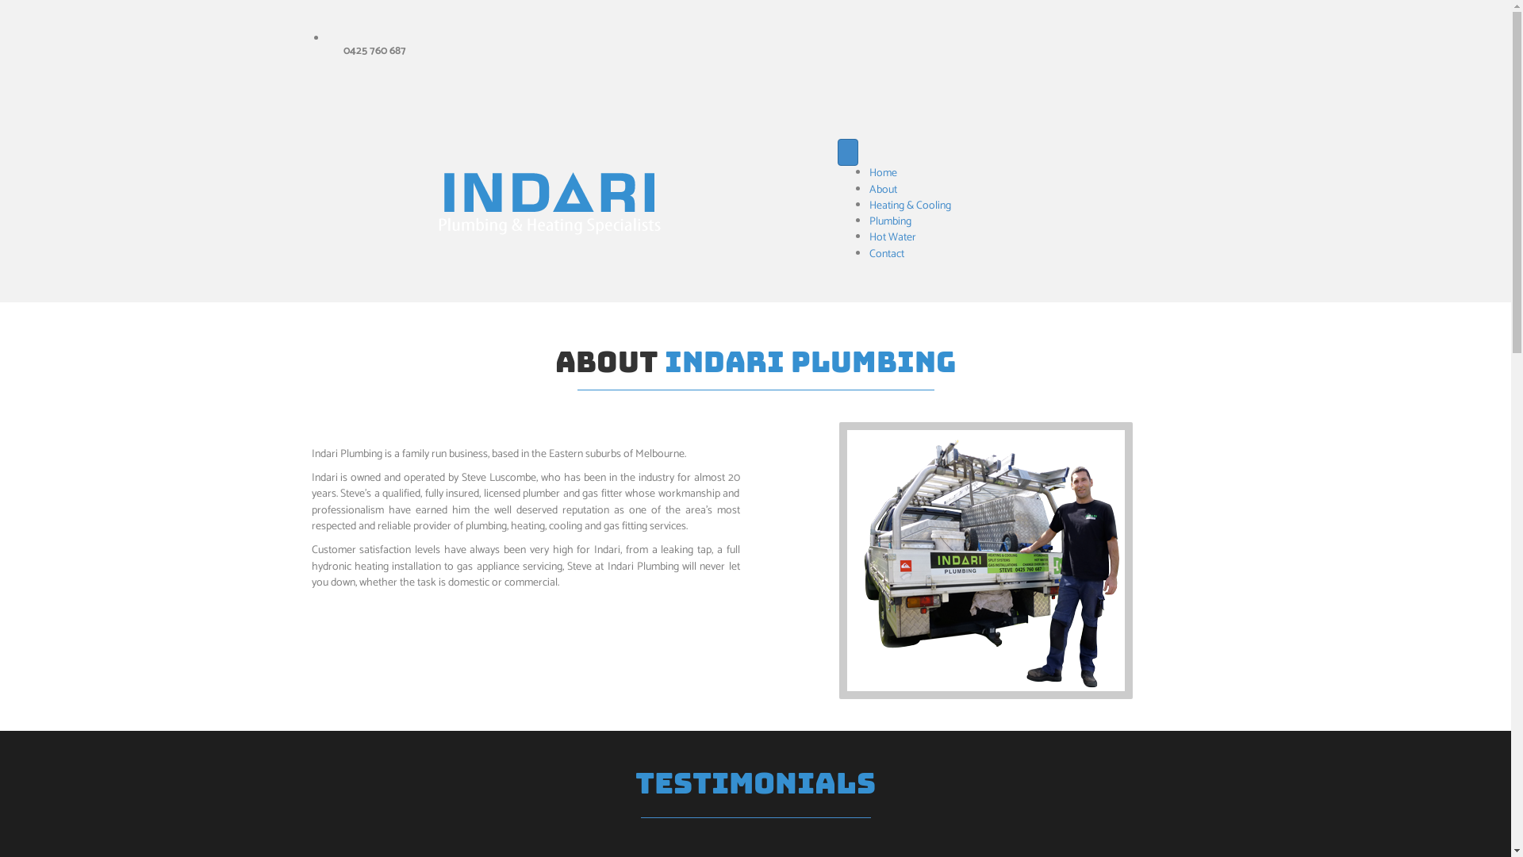  I want to click on 'Plumbing', so click(890, 221).